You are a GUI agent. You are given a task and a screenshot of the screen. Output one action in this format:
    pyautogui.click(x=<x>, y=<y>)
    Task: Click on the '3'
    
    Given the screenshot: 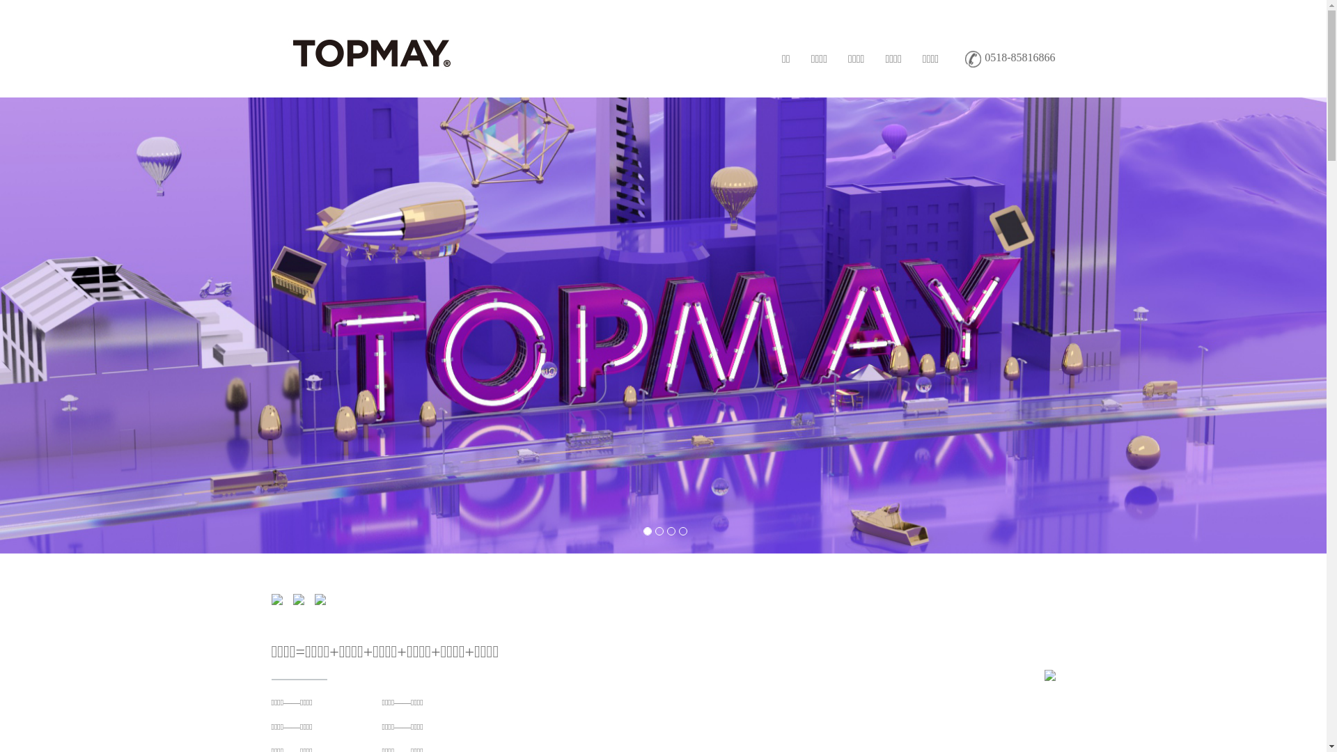 What is the action you would take?
    pyautogui.click(x=666, y=531)
    